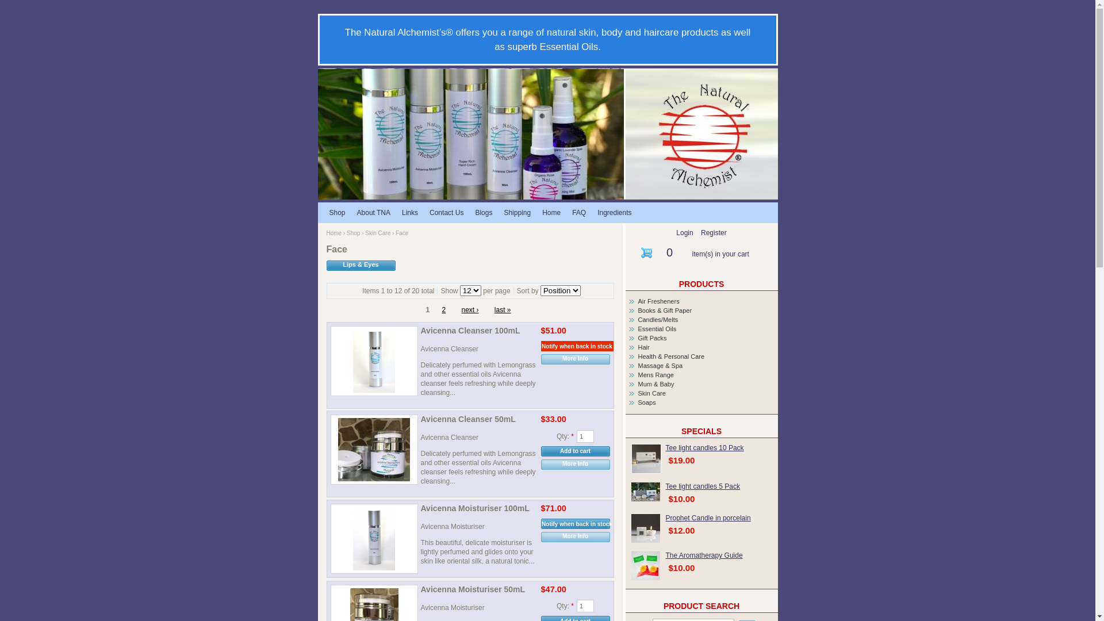 The width and height of the screenshot is (1104, 621). Describe the element at coordinates (657, 328) in the screenshot. I see `'Essential Oils'` at that location.